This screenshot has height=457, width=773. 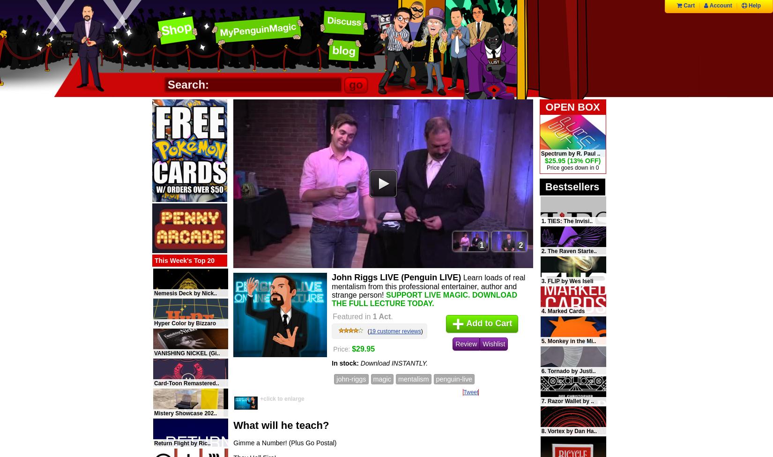 I want to click on 'Wishlist', so click(x=494, y=343).